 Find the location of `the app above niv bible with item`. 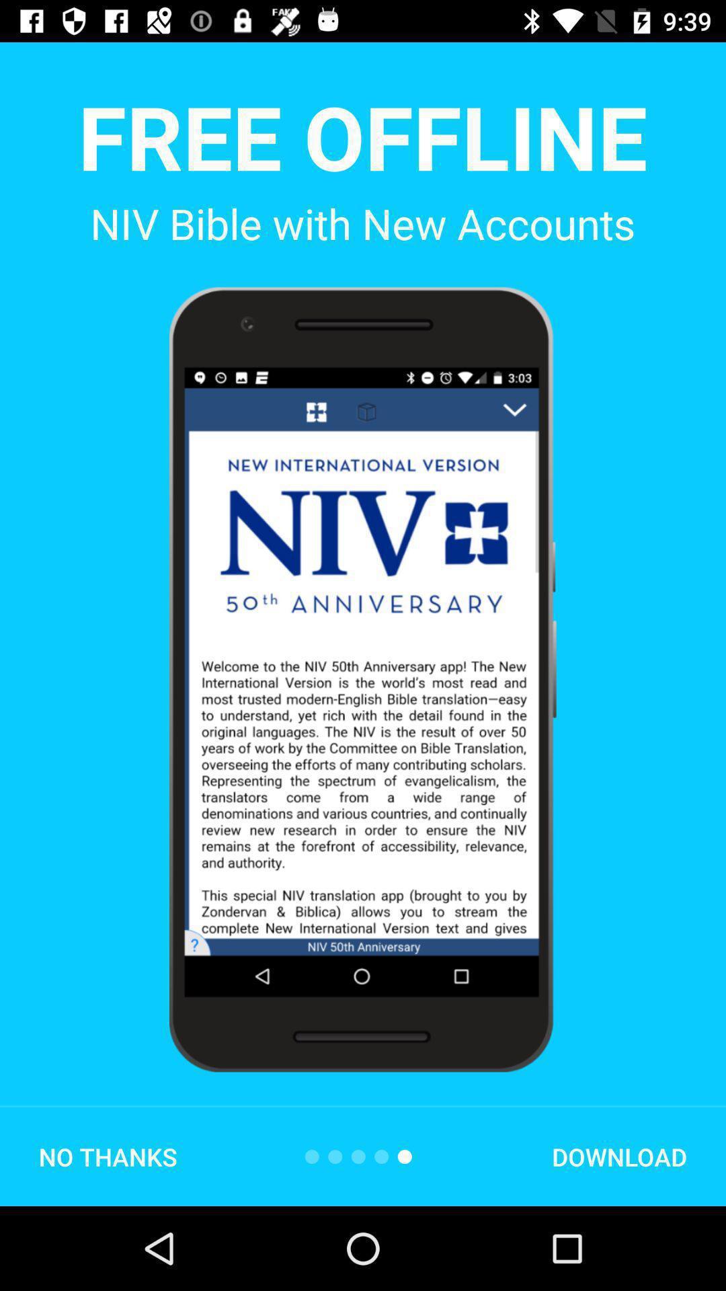

the app above niv bible with item is located at coordinates (362, 136).